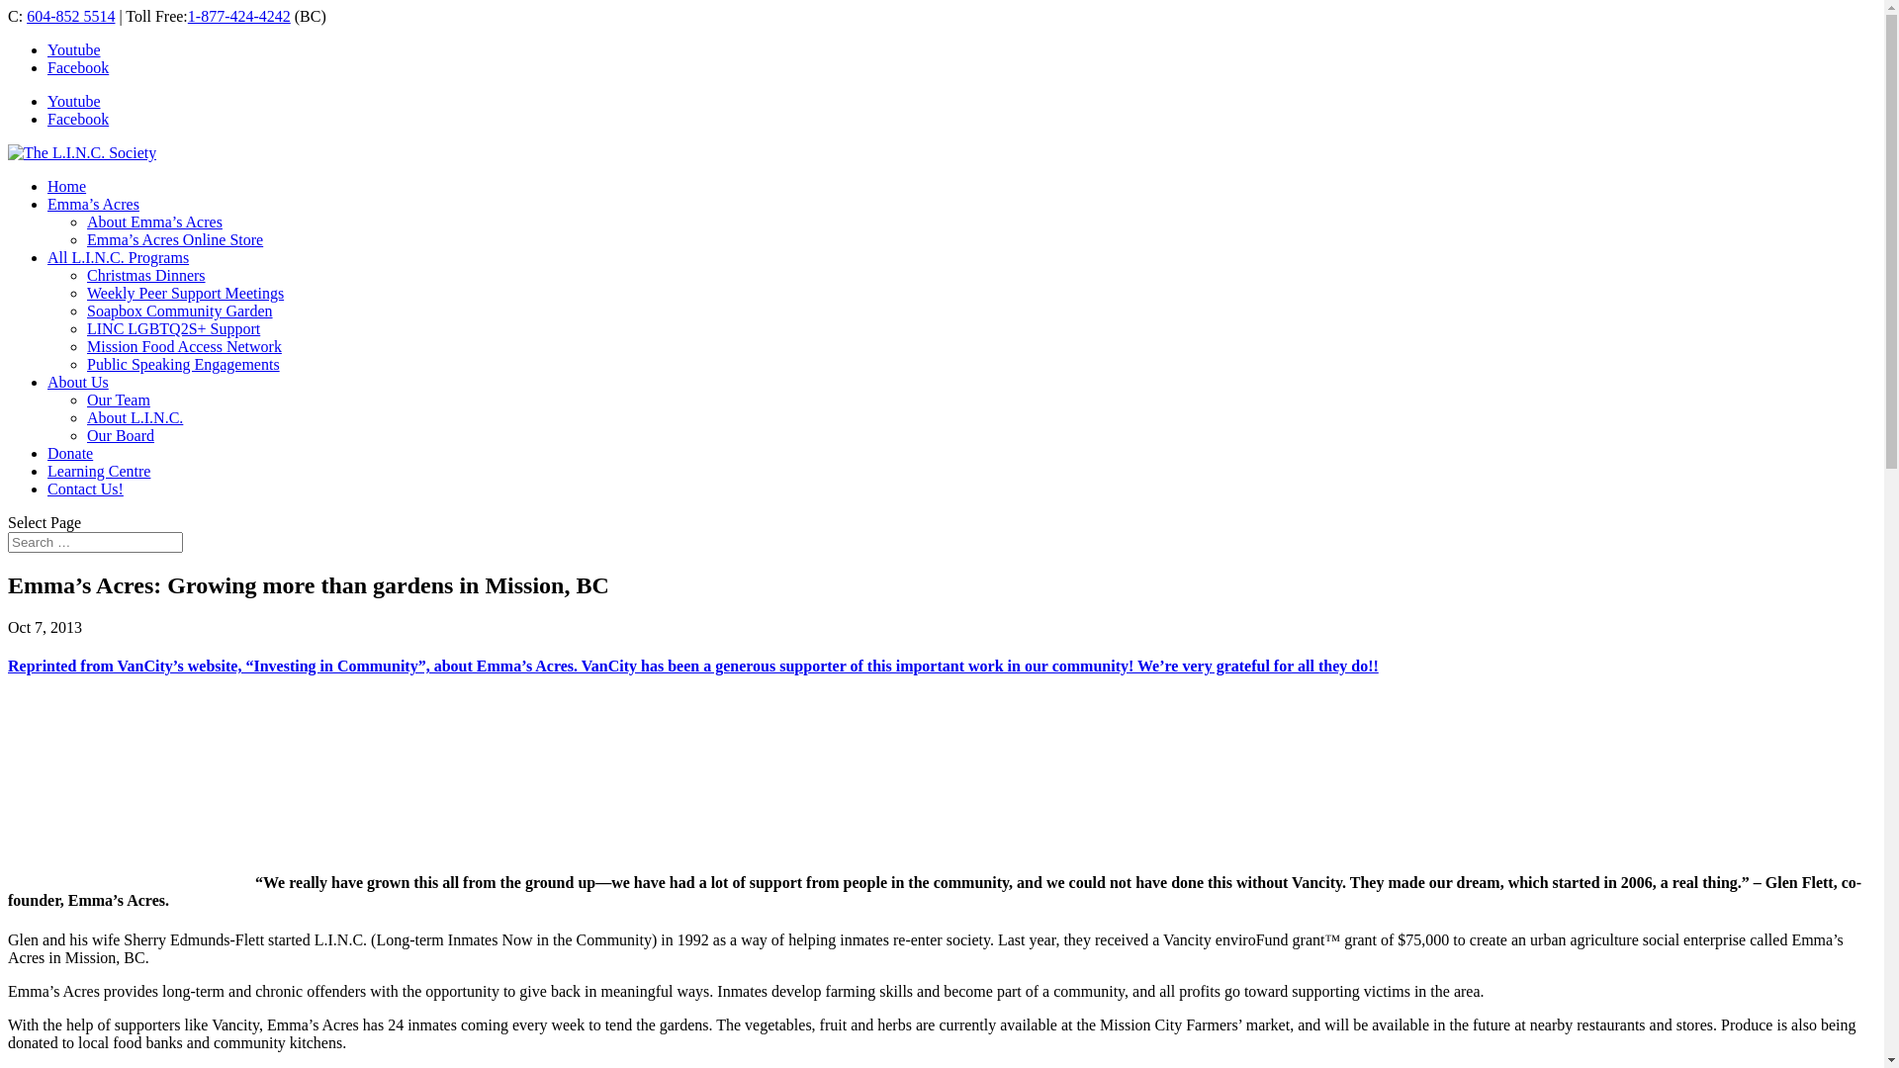  I want to click on 'Mission Food Access Network', so click(184, 345).